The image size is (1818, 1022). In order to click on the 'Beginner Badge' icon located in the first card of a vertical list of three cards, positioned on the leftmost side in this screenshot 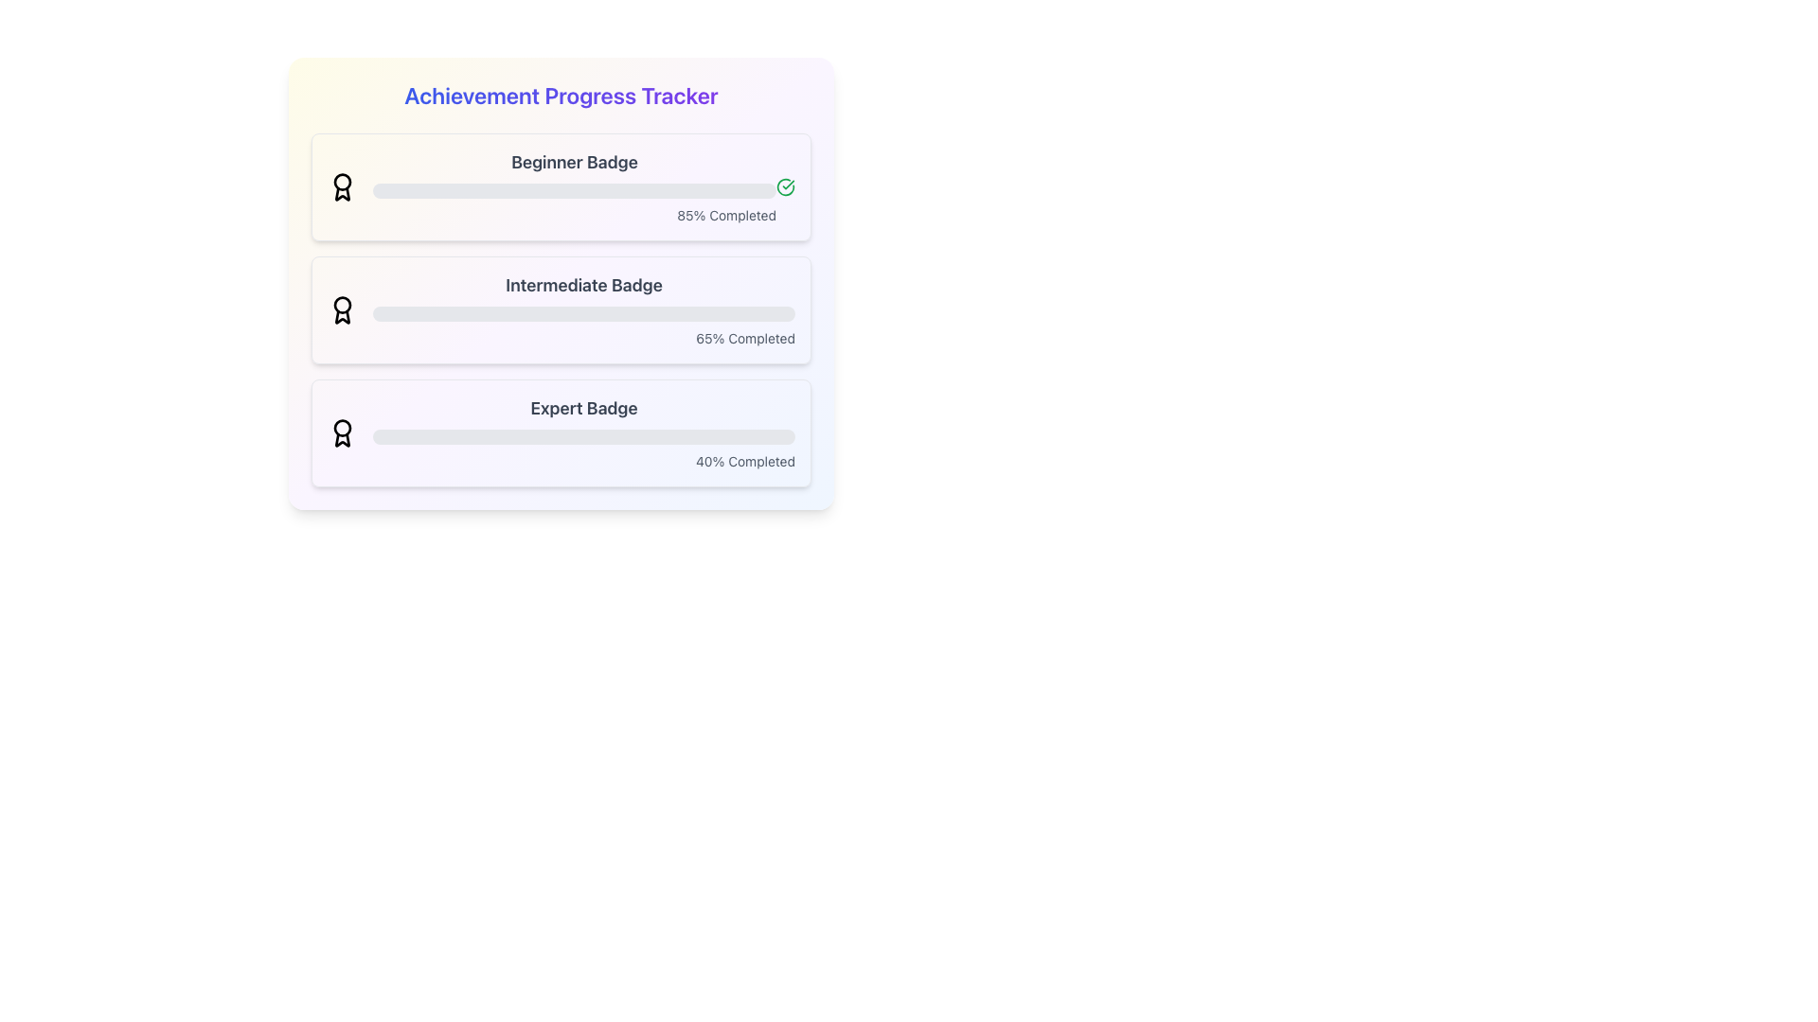, I will do `click(342, 182)`.